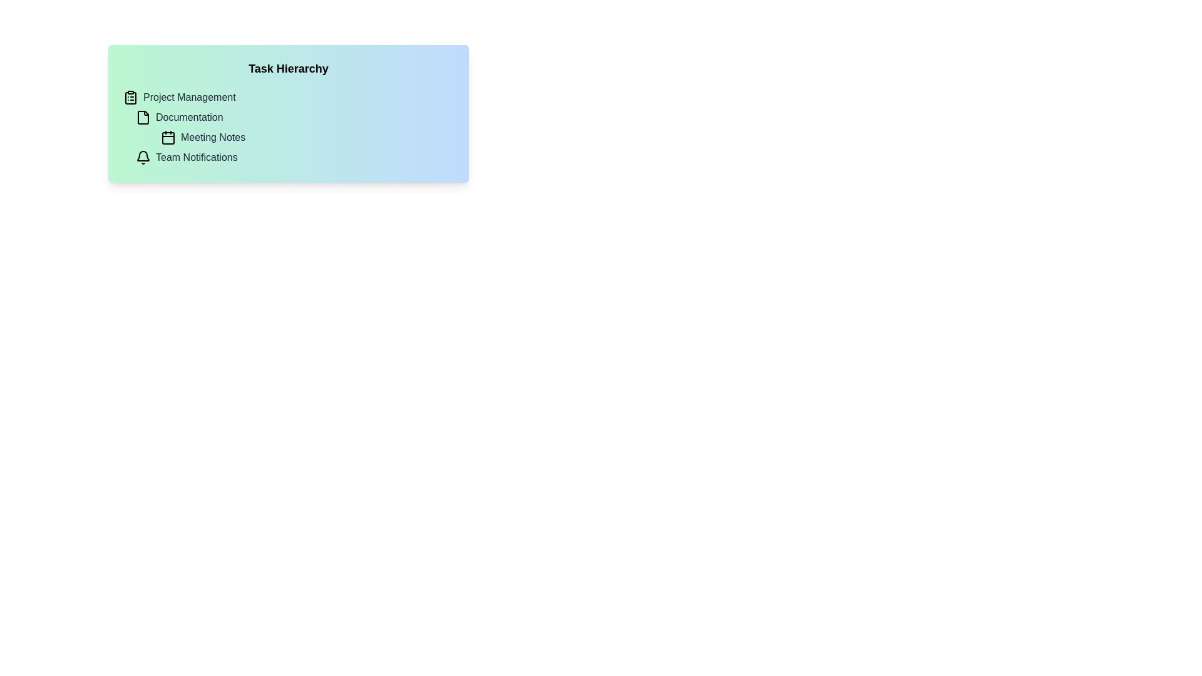 This screenshot has width=1202, height=676. What do you see at coordinates (143, 155) in the screenshot?
I see `the top arc segment of the bell icon, which is located near the lower-left area of the panel, next to the text 'Team Notifications.'` at bounding box center [143, 155].